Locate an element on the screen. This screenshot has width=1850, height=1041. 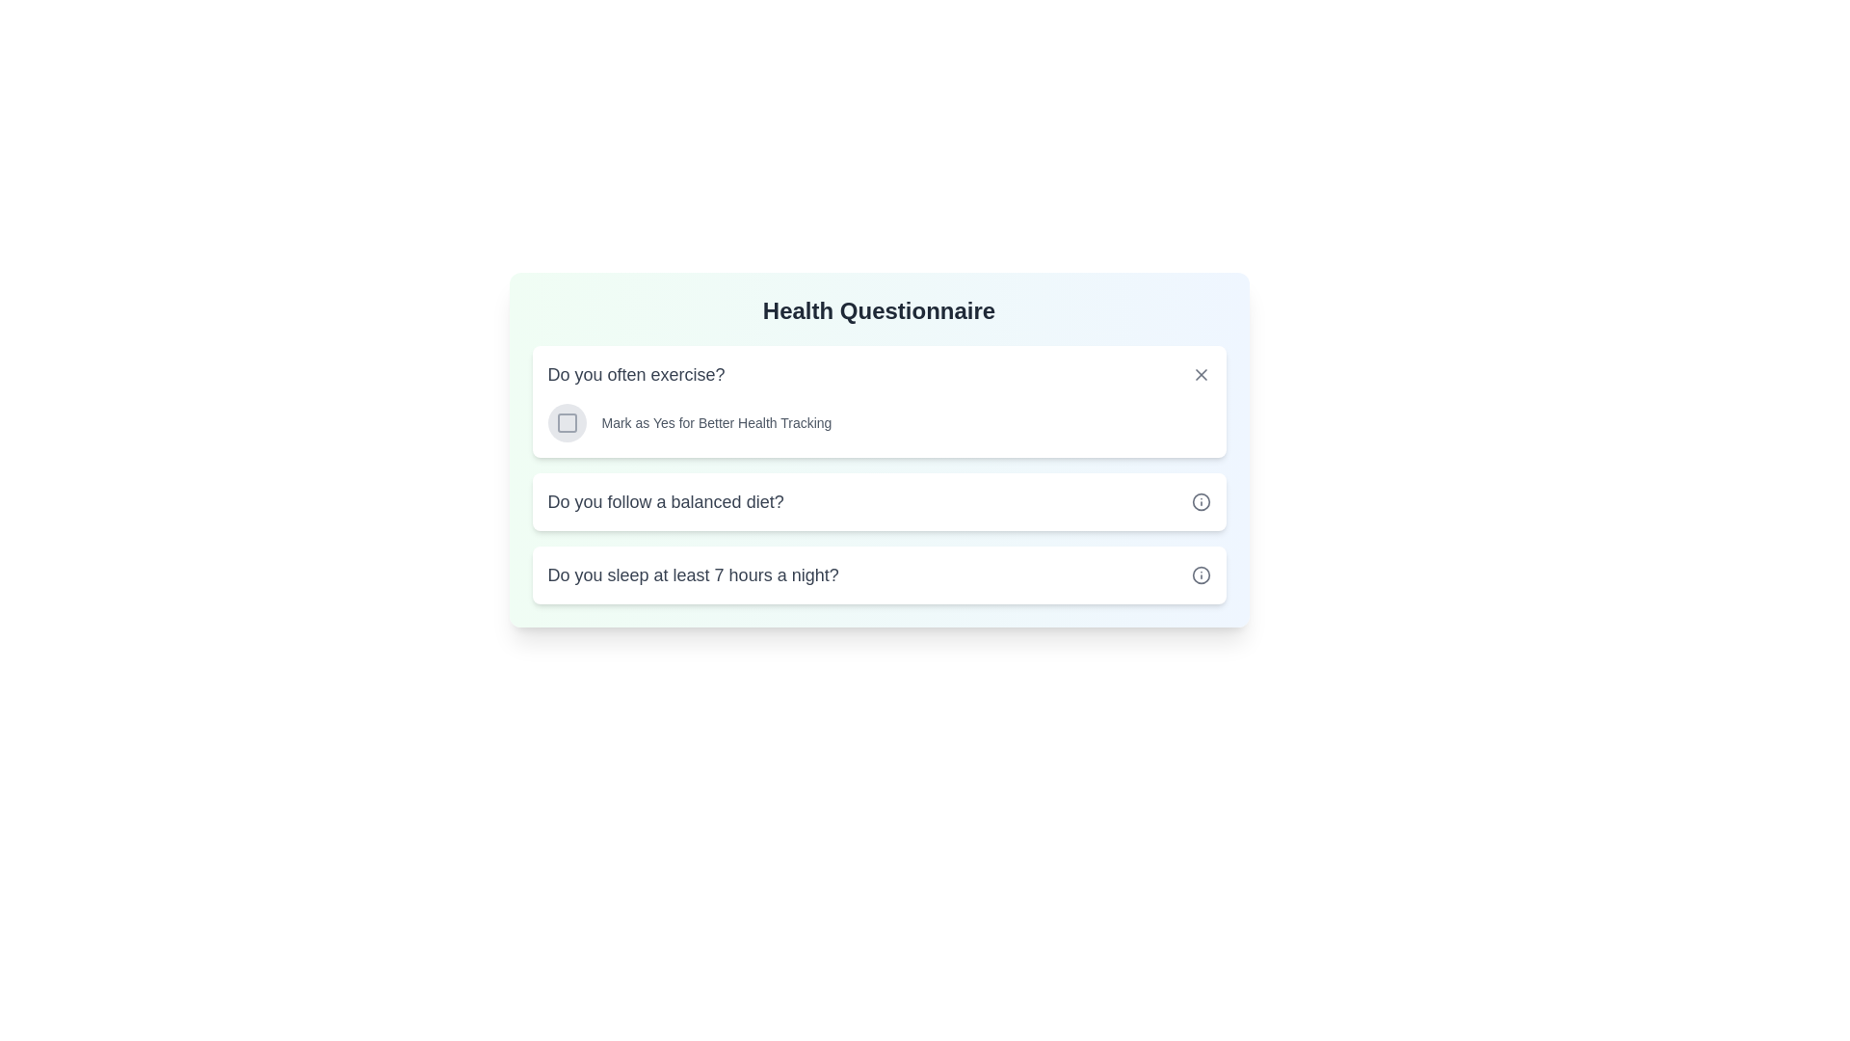
the leftmost button under the text 'Mark as Yes for Better Health Tracking' is located at coordinates (566, 422).